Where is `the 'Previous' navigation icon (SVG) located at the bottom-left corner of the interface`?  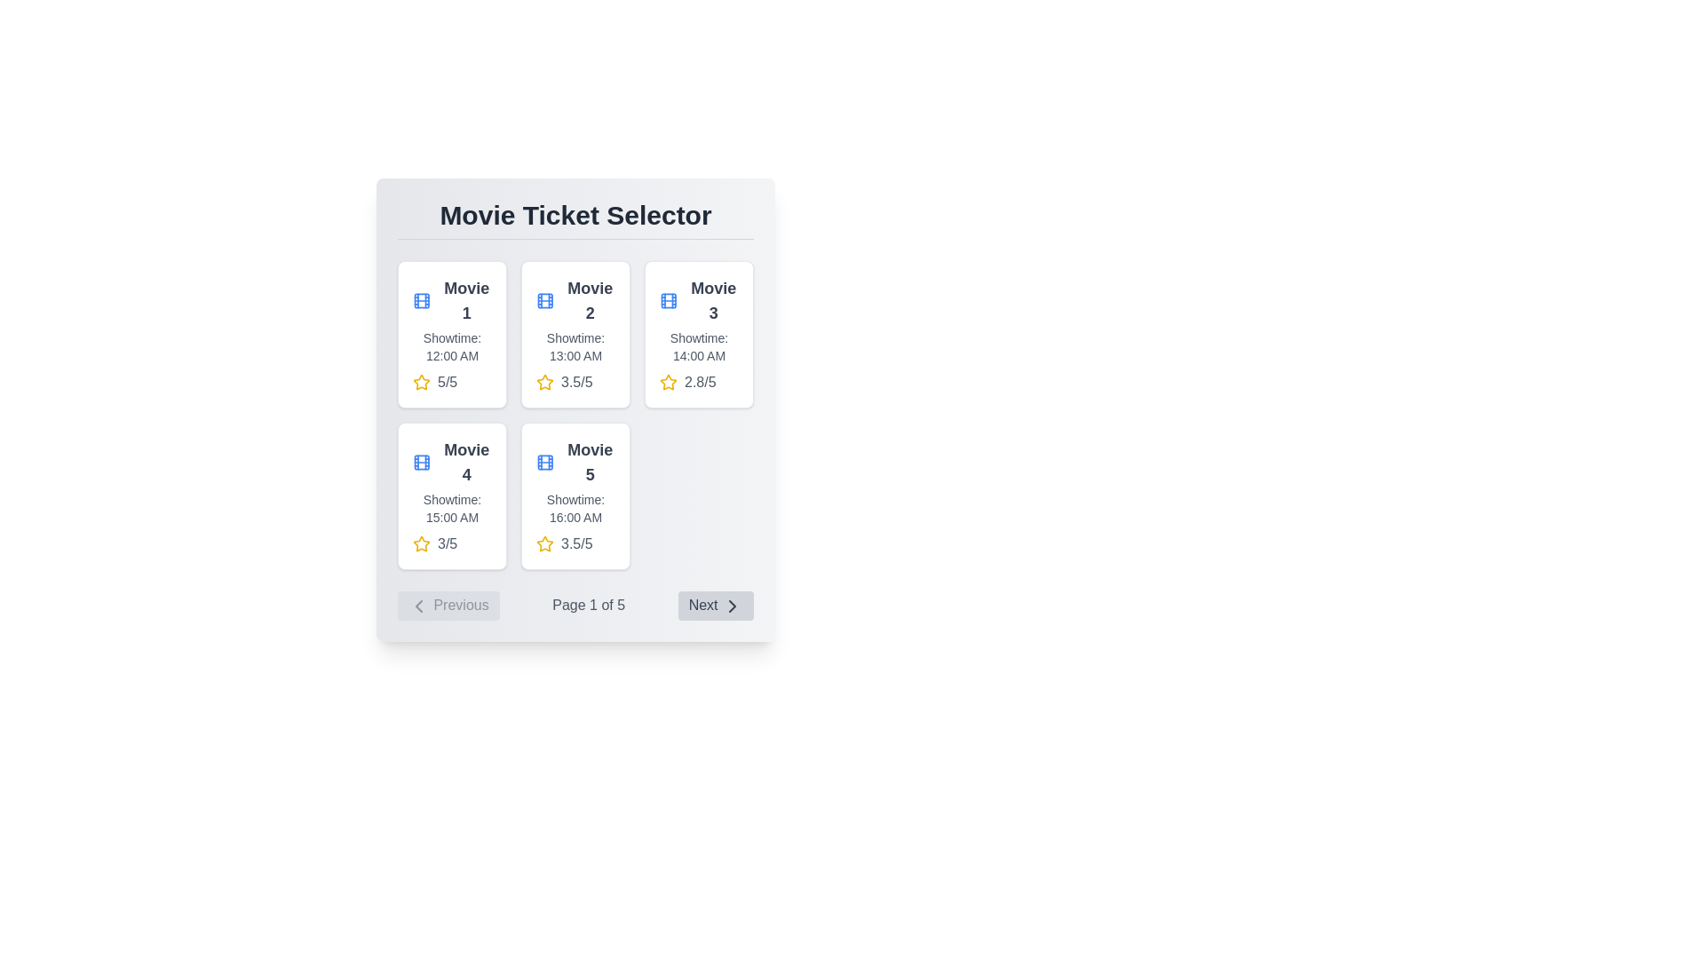
the 'Previous' navigation icon (SVG) located at the bottom-left corner of the interface is located at coordinates (417, 605).